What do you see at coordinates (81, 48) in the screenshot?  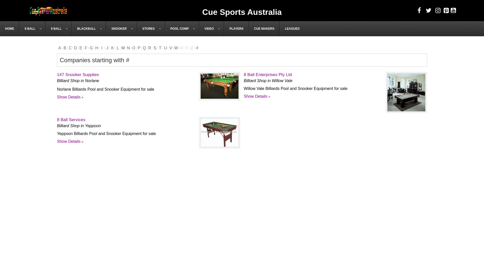 I see `'E'` at bounding box center [81, 48].